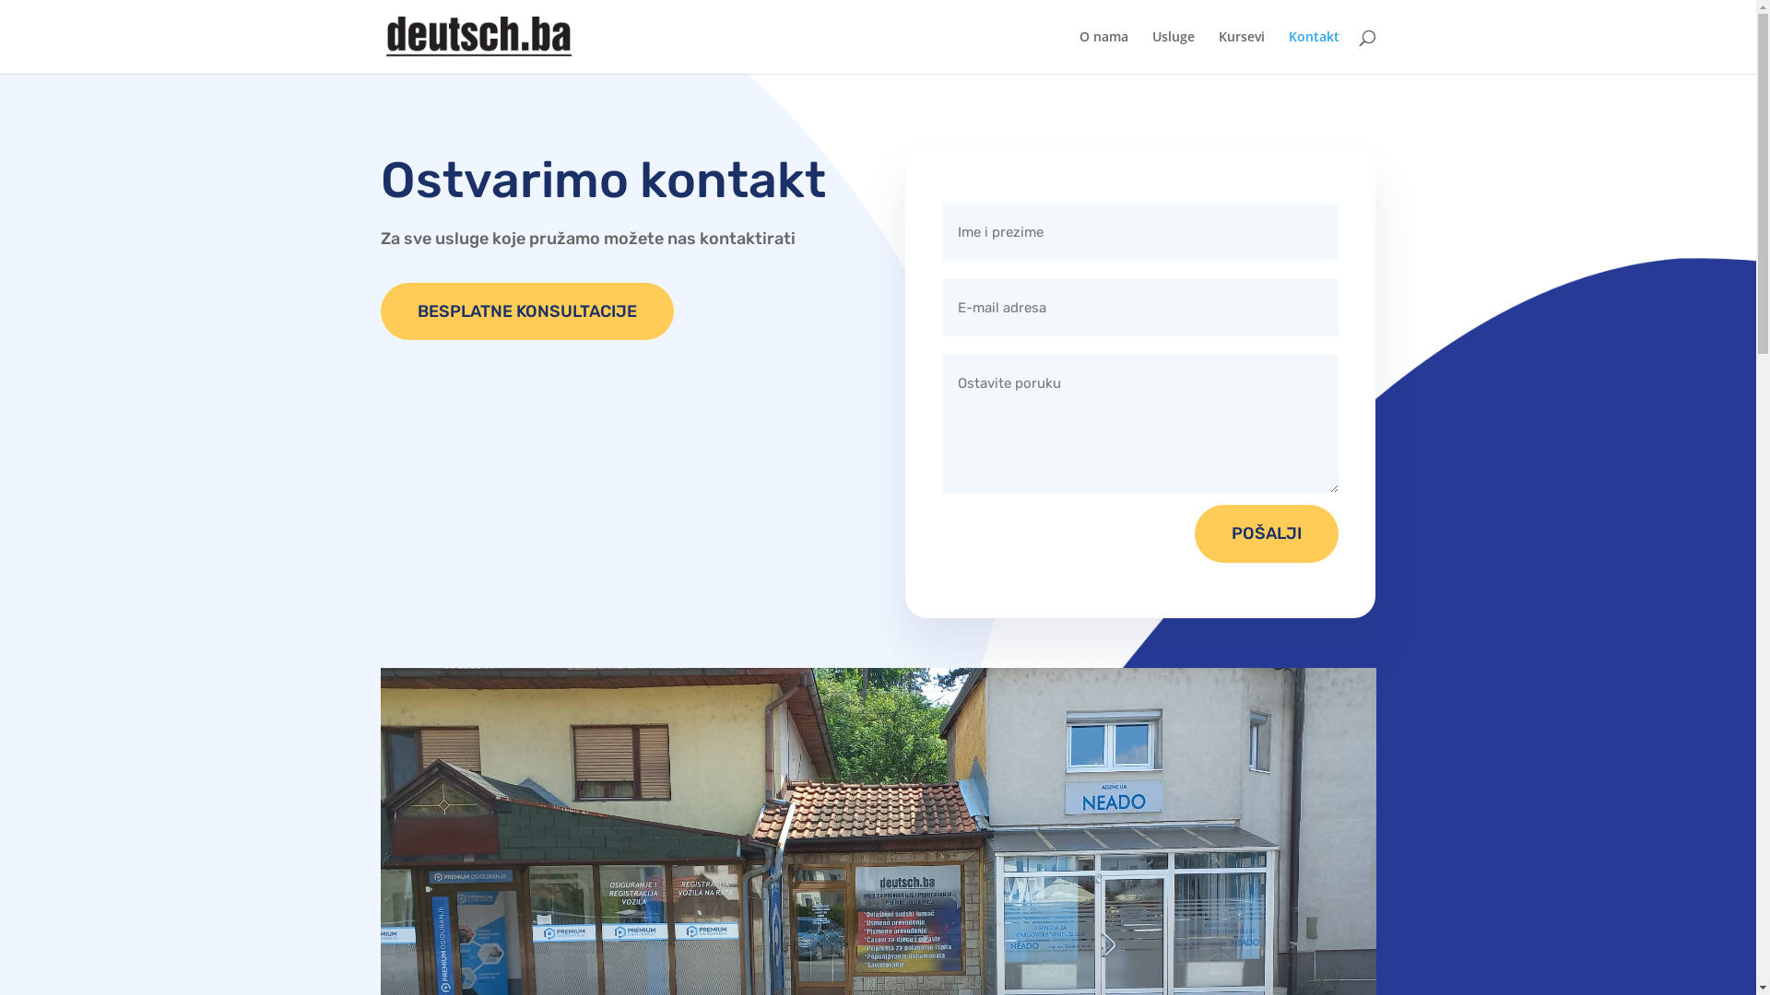 The height and width of the screenshot is (995, 1770). What do you see at coordinates (525, 310) in the screenshot?
I see `'BESPLATNE KONSULTACIJE'` at bounding box center [525, 310].